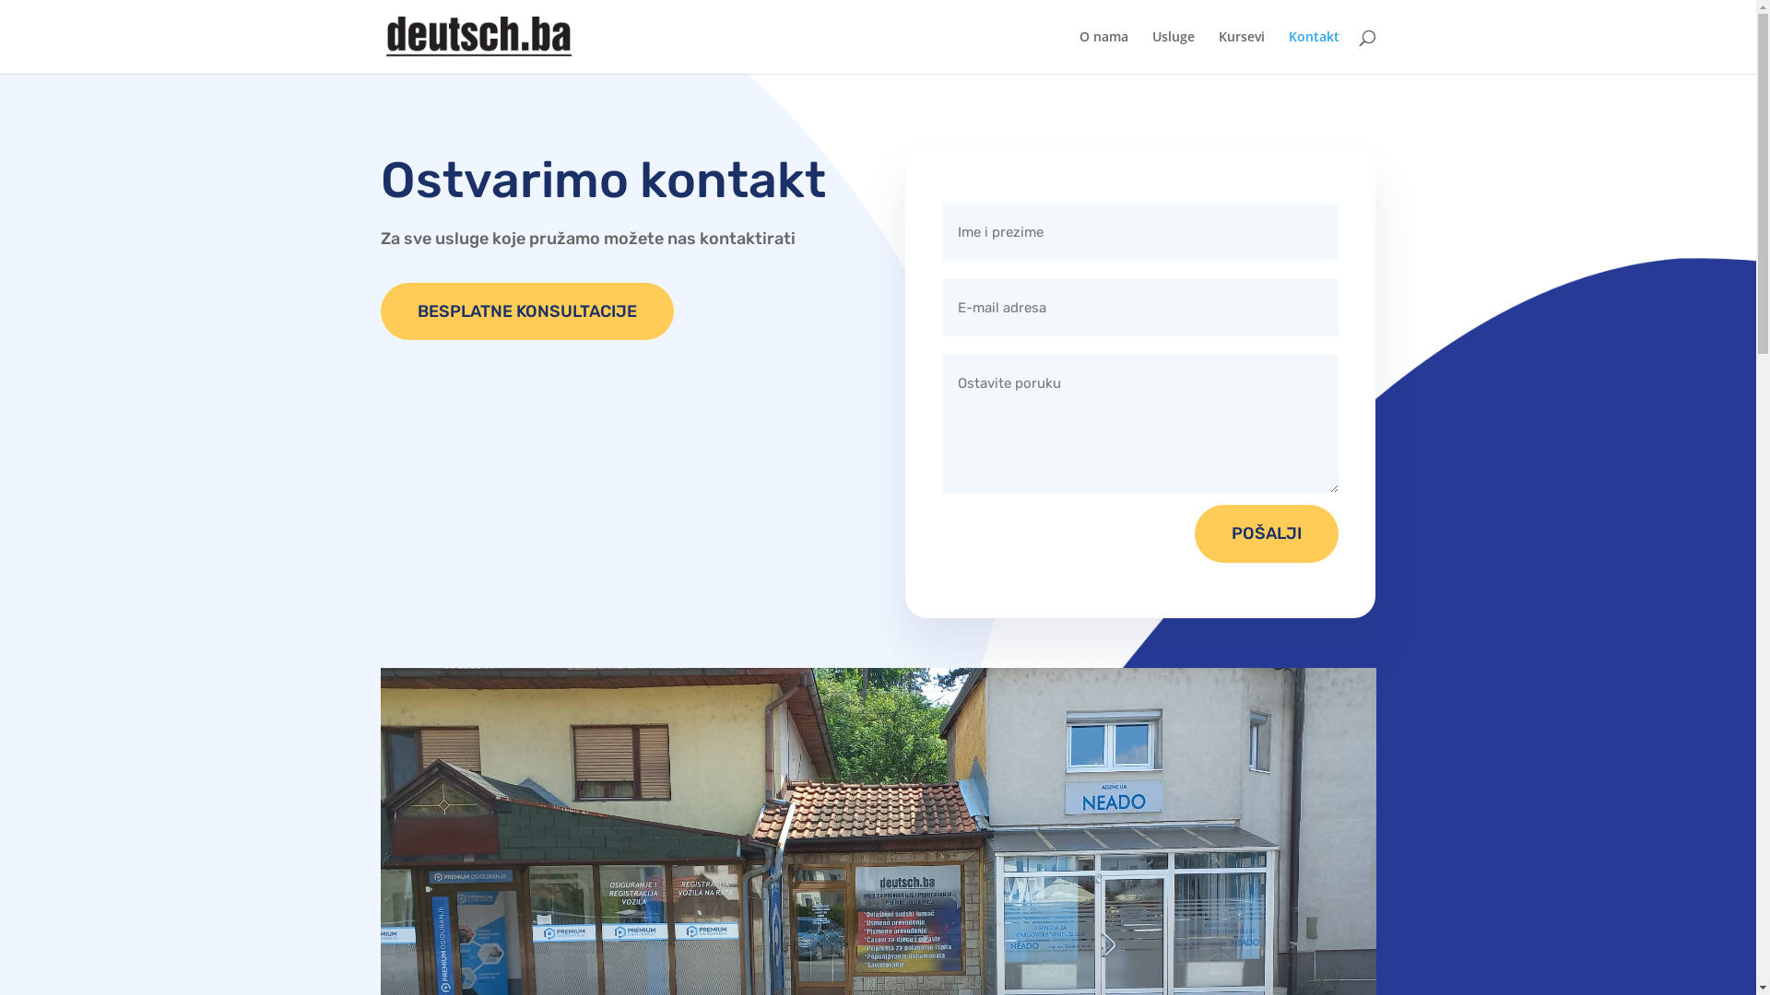 The height and width of the screenshot is (995, 1770). What do you see at coordinates (525, 310) in the screenshot?
I see `'BESPLATNE KONSULTACIJE'` at bounding box center [525, 310].